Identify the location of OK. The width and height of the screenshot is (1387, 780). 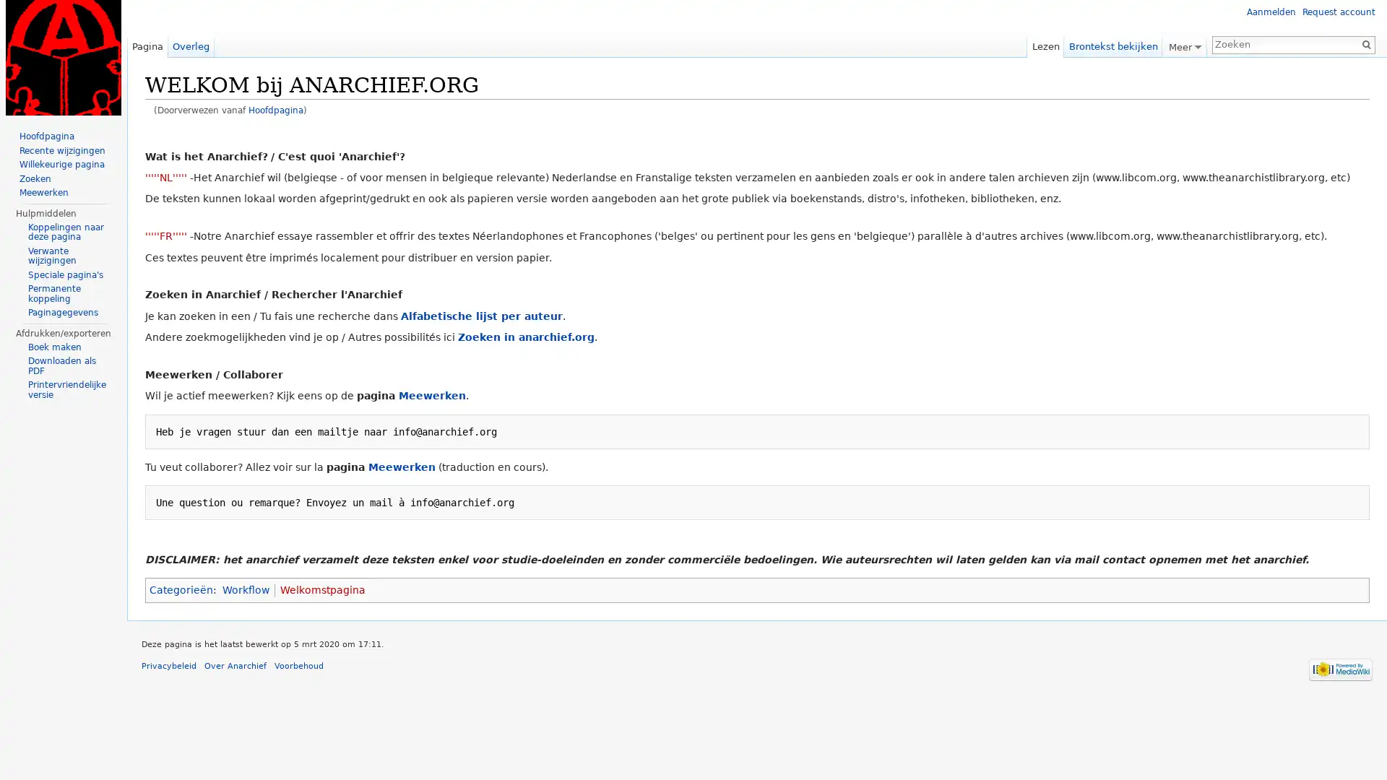
(1365, 43).